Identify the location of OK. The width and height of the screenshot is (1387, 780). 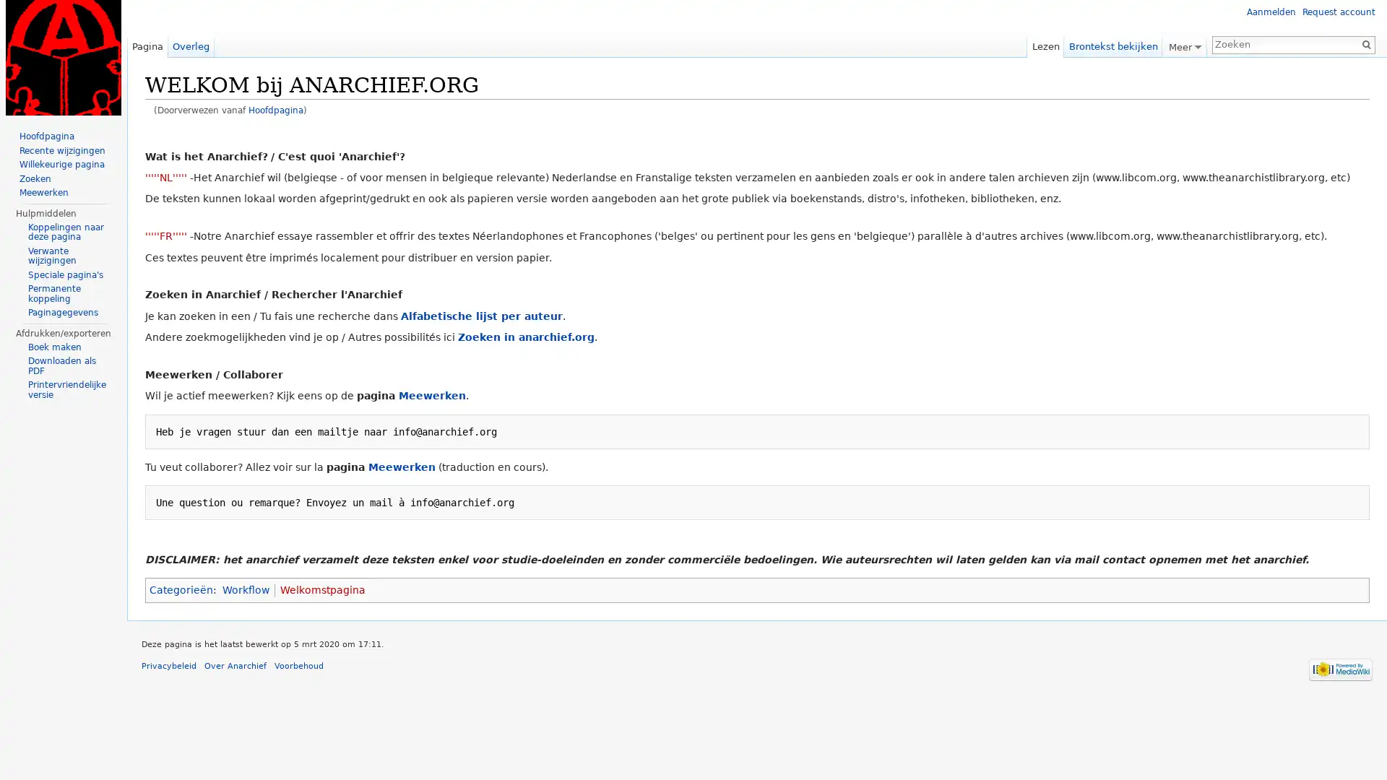
(1365, 43).